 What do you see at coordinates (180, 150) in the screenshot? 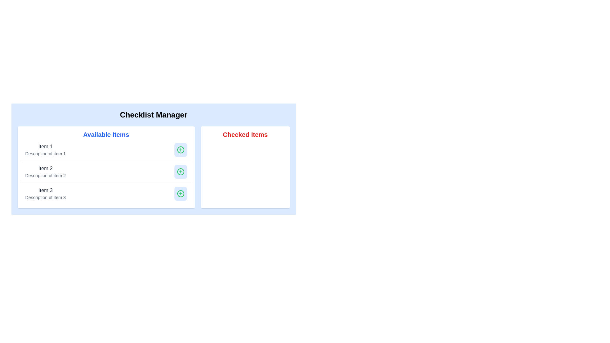
I see `the first circular button located to the right of the 'Item 1' text in the 'Available Items' section of the 'Checklist Manager' to trigger the hover styling` at bounding box center [180, 150].